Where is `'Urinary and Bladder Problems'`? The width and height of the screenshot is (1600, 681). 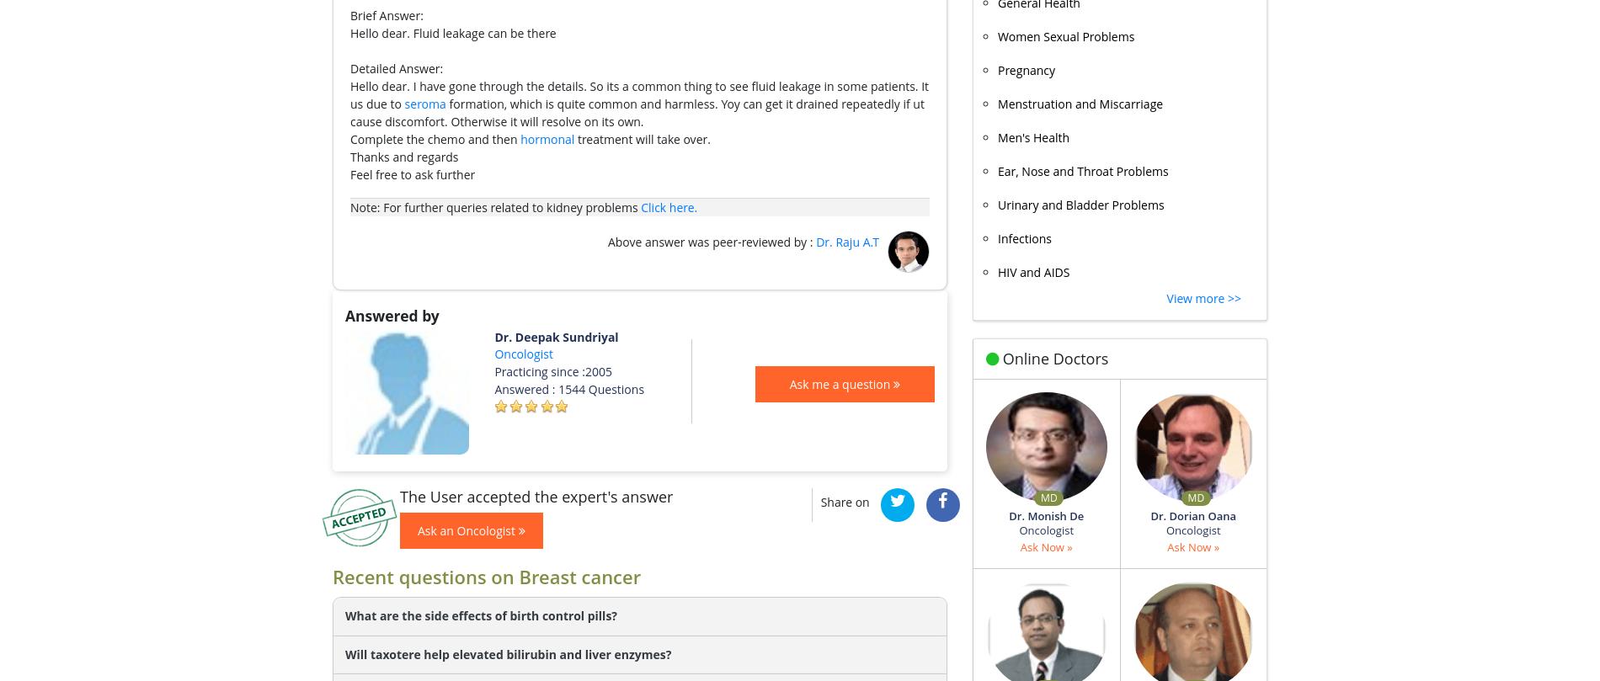 'Urinary and Bladder Problems' is located at coordinates (1080, 203).